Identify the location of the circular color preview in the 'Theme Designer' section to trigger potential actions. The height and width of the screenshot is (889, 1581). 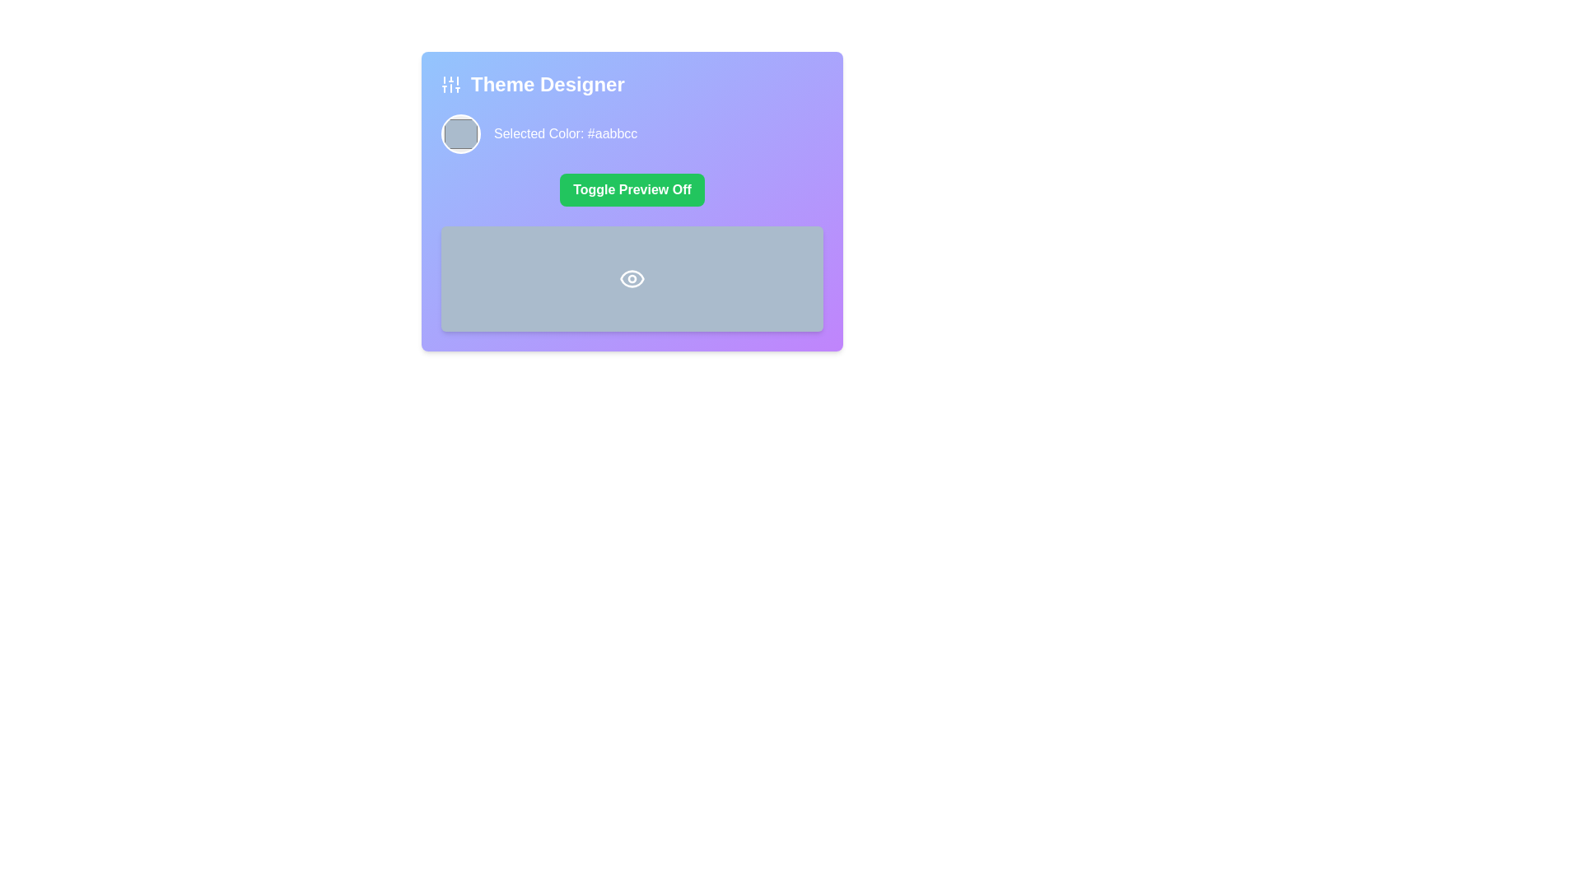
(632, 133).